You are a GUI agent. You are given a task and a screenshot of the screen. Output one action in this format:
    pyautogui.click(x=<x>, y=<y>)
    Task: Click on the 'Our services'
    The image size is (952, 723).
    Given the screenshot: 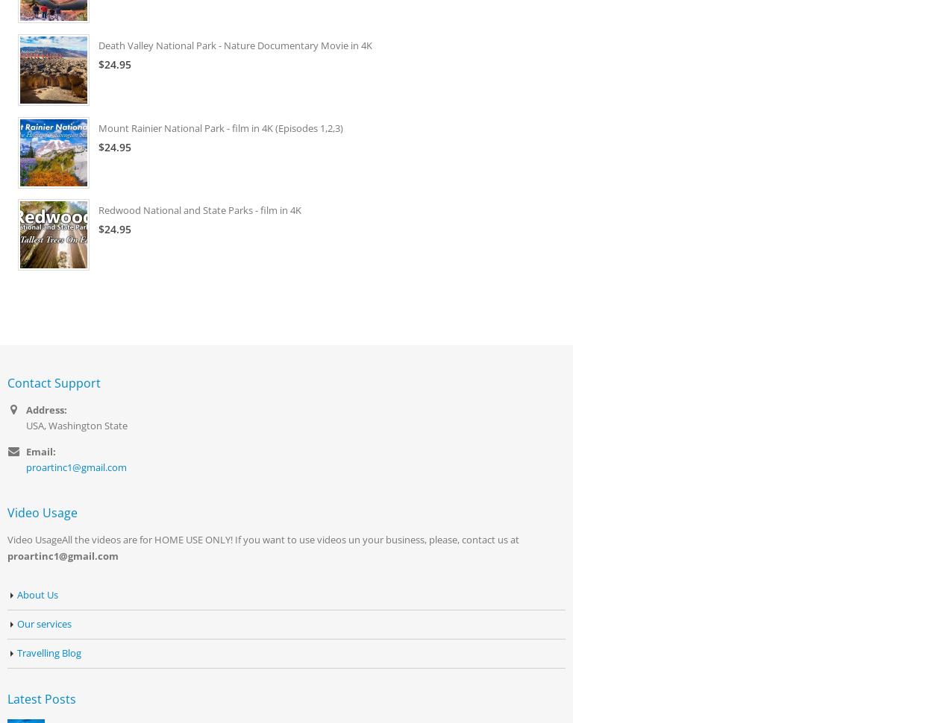 What is the action you would take?
    pyautogui.click(x=43, y=623)
    